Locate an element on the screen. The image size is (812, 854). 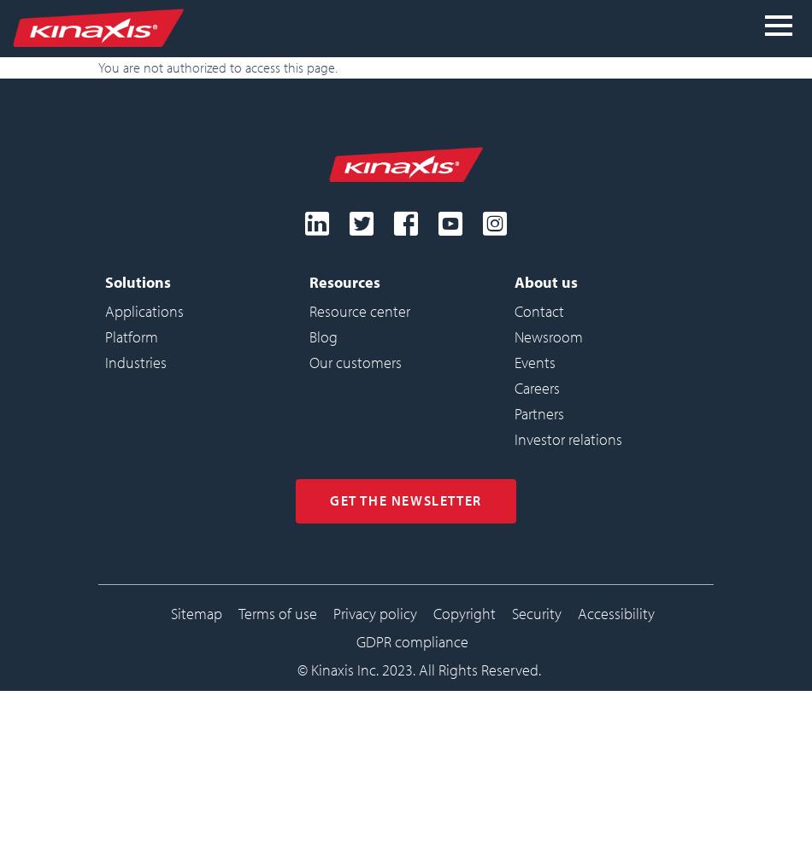
'Newsroom' is located at coordinates (513, 336).